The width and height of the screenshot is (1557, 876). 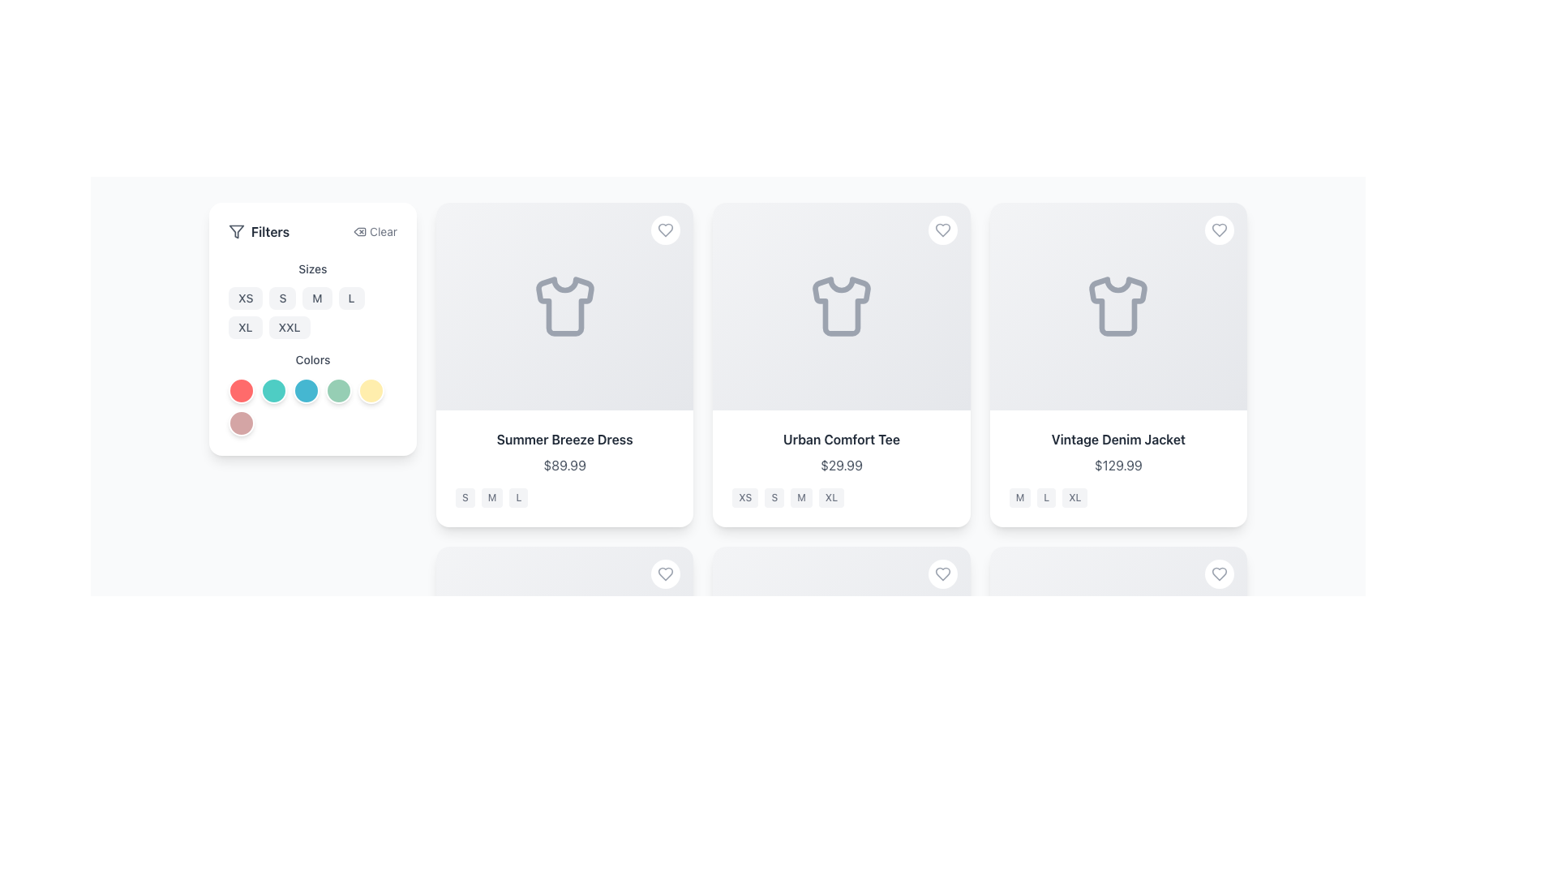 I want to click on the 'M' size button, which is a small rectangular button with gray text on a light gray background, so click(x=801, y=496).